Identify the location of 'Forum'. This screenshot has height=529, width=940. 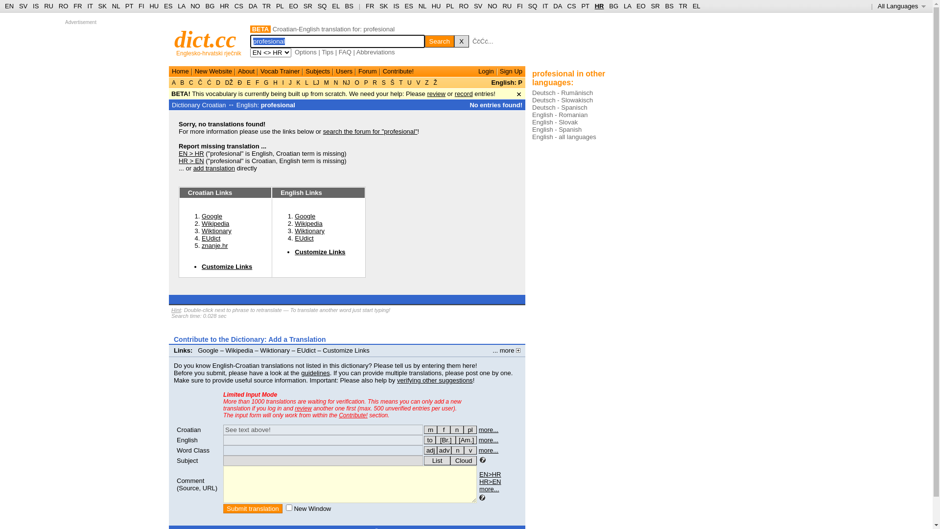
(367, 71).